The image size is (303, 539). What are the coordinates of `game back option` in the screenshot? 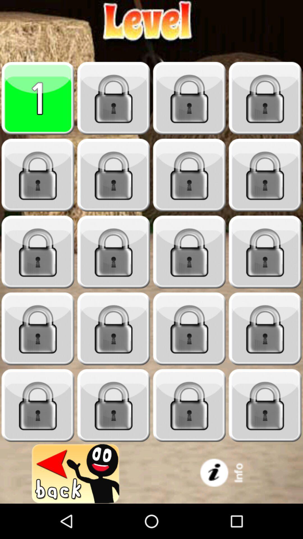 It's located at (76, 473).